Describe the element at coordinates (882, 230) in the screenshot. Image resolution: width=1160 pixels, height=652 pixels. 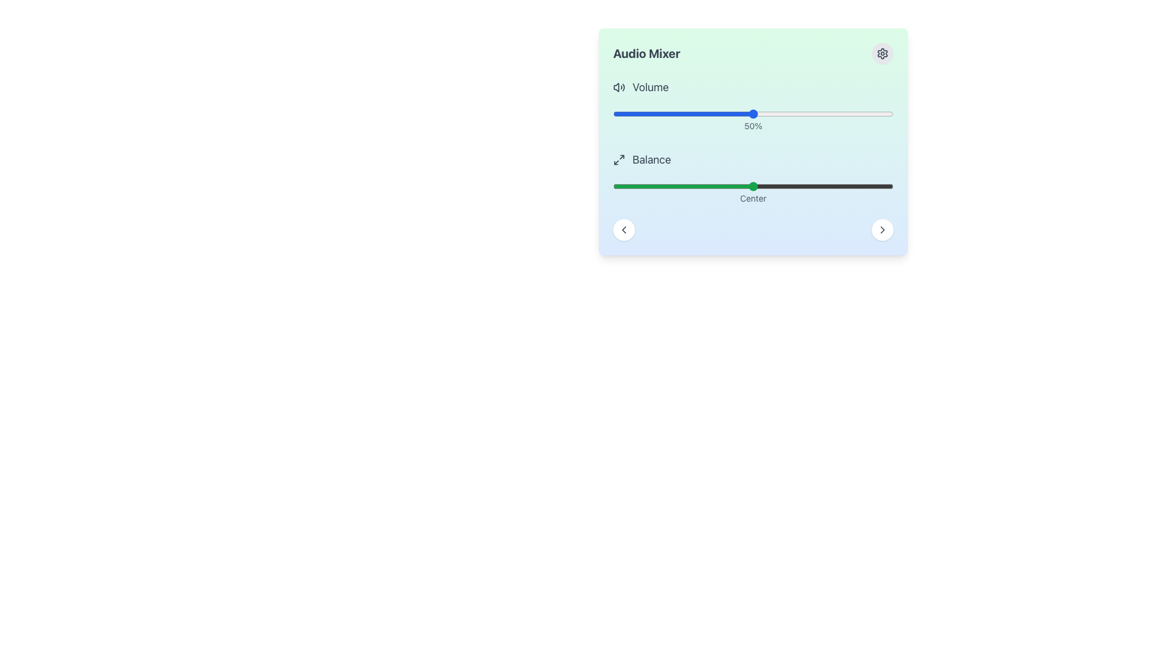
I see `the right-facing chevron icon with a thin stroke and gray color, located in the bottom-right corner of the control panel` at that location.